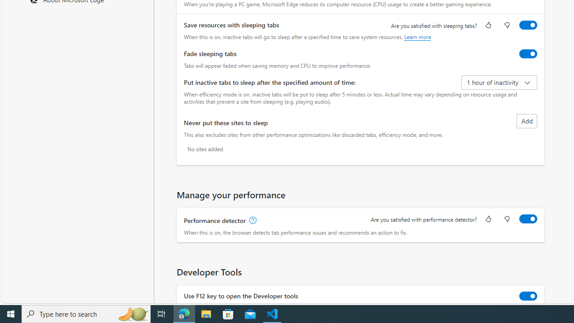 The height and width of the screenshot is (323, 574). I want to click on 'Add site to never put these sites to sleep list', so click(527, 121).